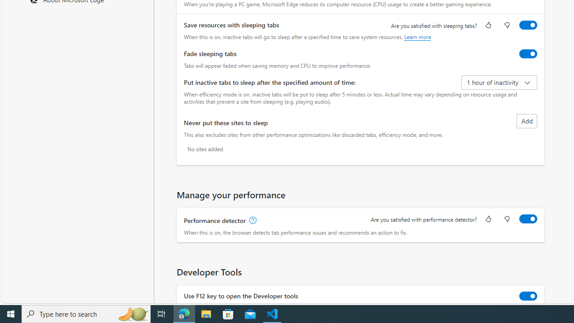 The height and width of the screenshot is (323, 574). I want to click on 'Add site to never put these sites to sleep list', so click(527, 121).